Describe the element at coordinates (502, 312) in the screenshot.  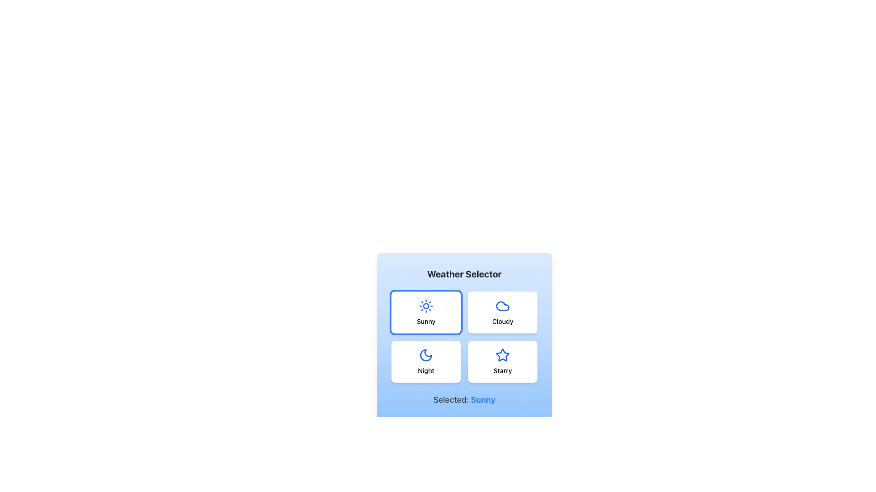
I see `the second button in the top row of the 2x2 grid layout, which is labeled for selecting the 'Cloudy' weather condition, to update the selection` at that location.